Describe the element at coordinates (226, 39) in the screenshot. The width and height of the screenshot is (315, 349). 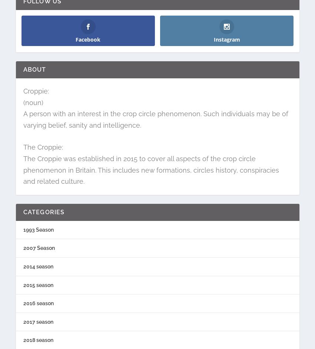
I see `'Instagram'` at that location.